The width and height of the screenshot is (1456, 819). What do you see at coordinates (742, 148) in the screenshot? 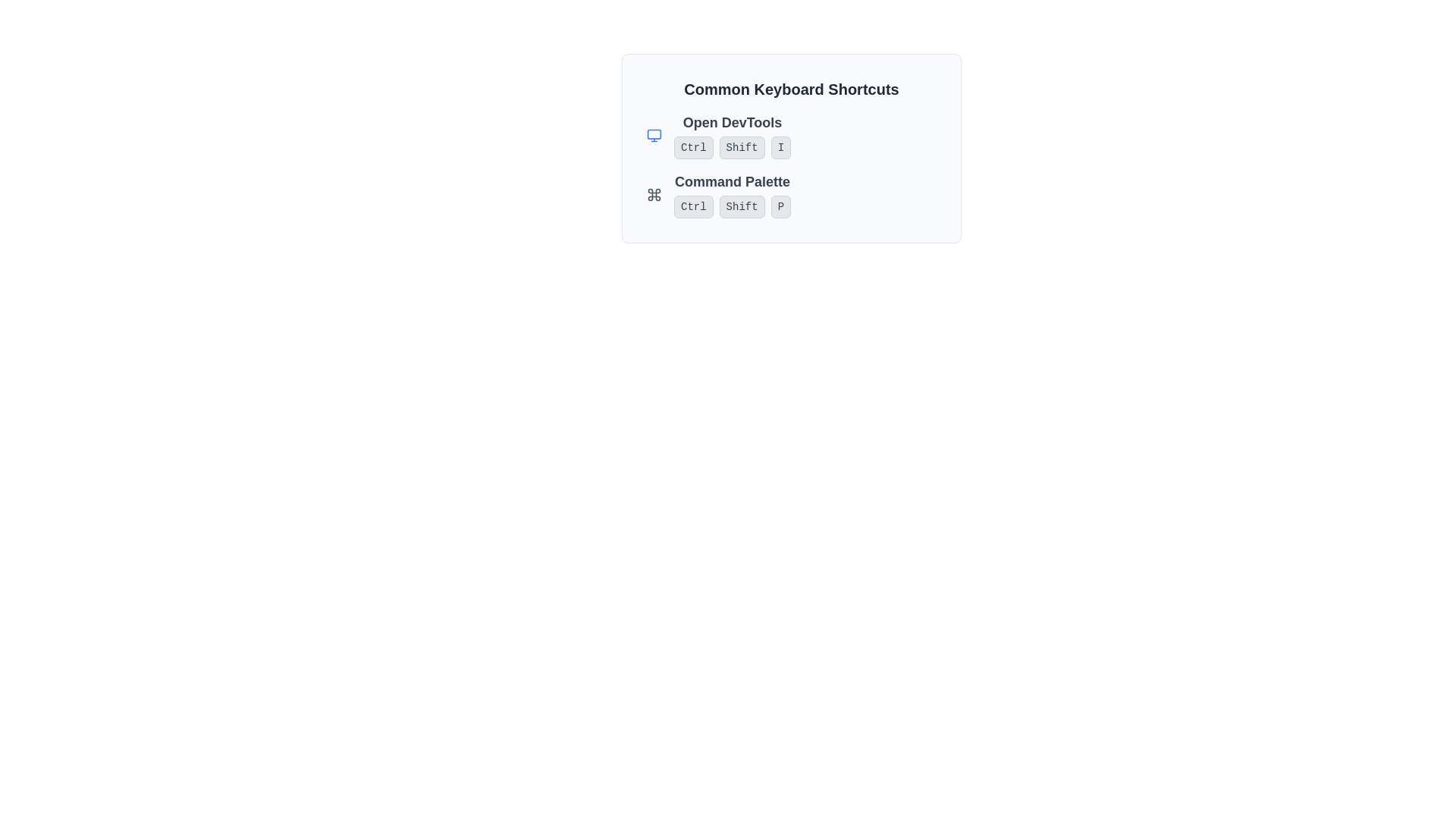
I see `the 'Shift' button styled text element, which is located between the 'Ctrl' and 'I' elements in the 'Open DevTools' section under 'Common Keyboard Shortcuts'` at bounding box center [742, 148].